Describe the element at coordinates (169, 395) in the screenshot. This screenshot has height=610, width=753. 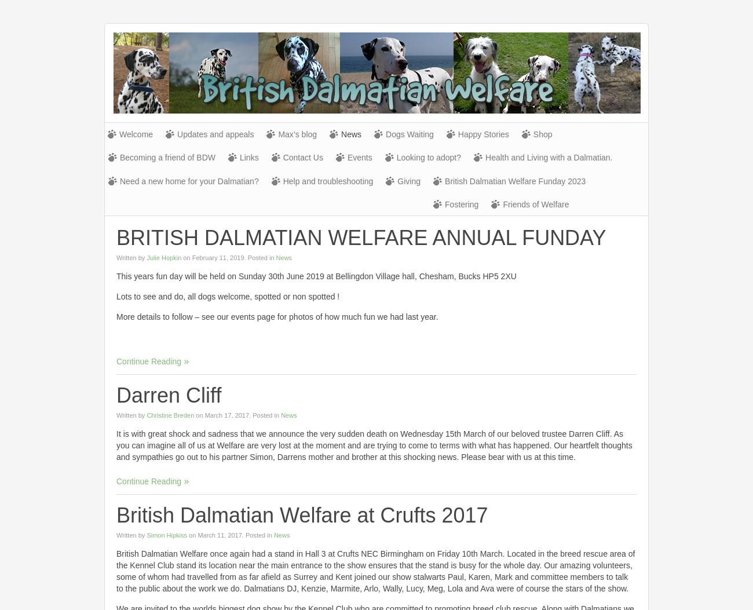
I see `'Darren Cliff'` at that location.